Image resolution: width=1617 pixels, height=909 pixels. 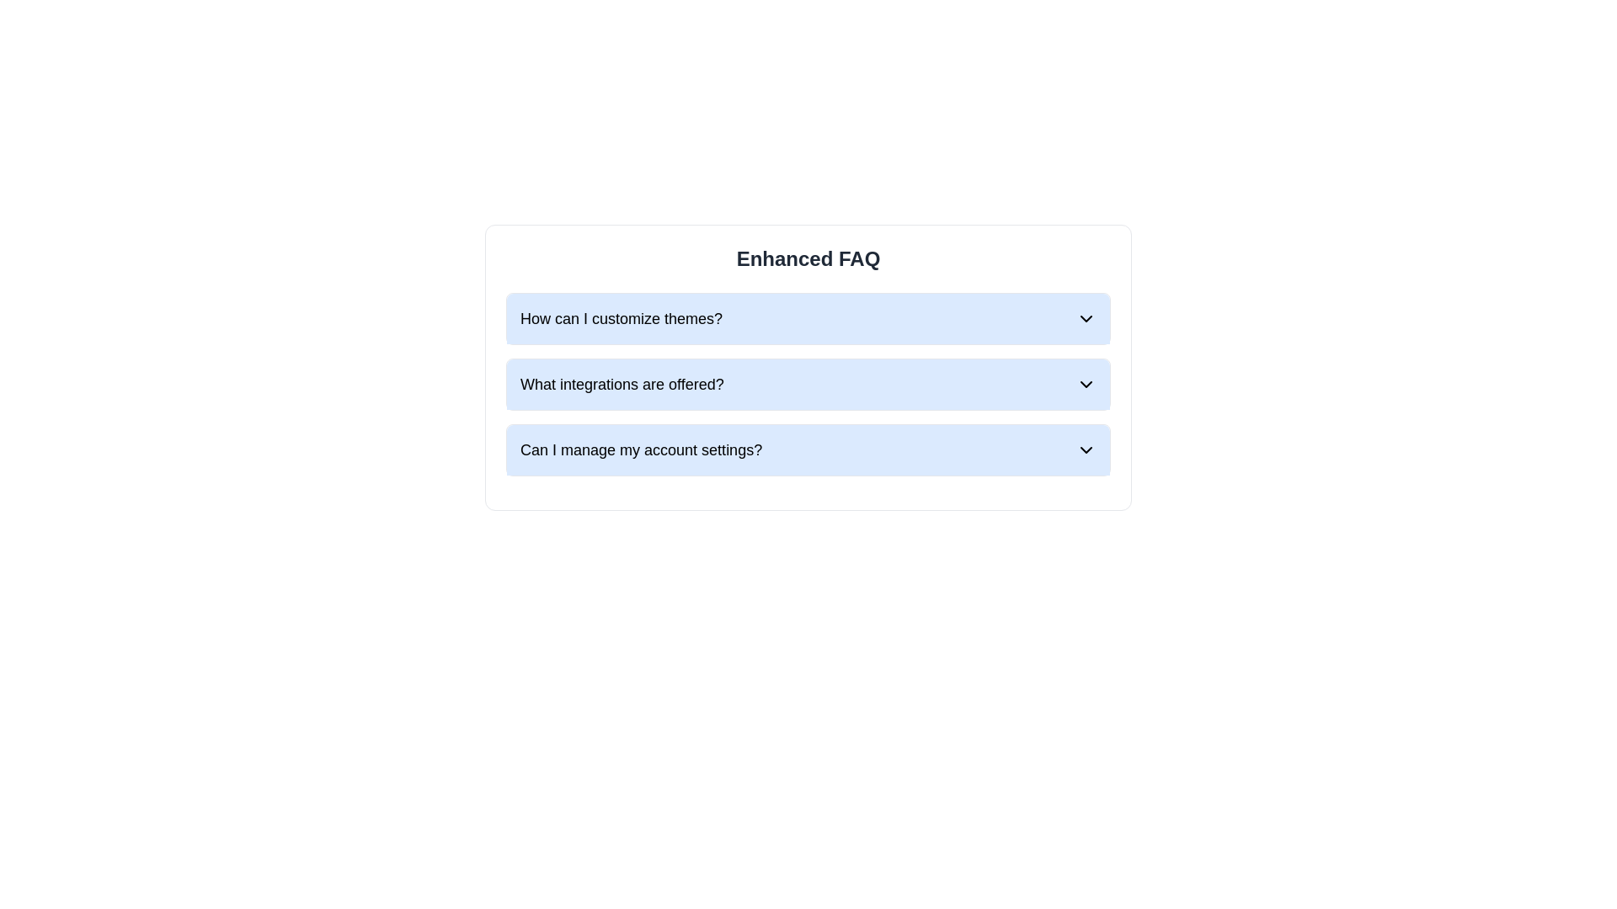 I want to click on the second question in the FAQ section, so click(x=808, y=384).